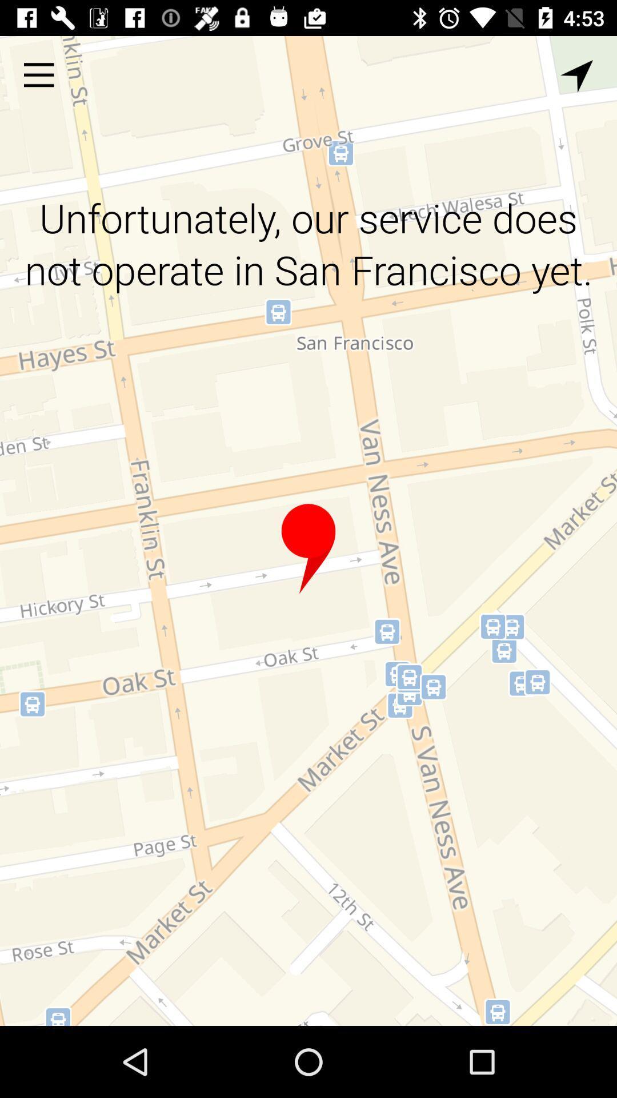 The height and width of the screenshot is (1098, 617). Describe the element at coordinates (38, 74) in the screenshot. I see `the item above the unfortunately our service item` at that location.